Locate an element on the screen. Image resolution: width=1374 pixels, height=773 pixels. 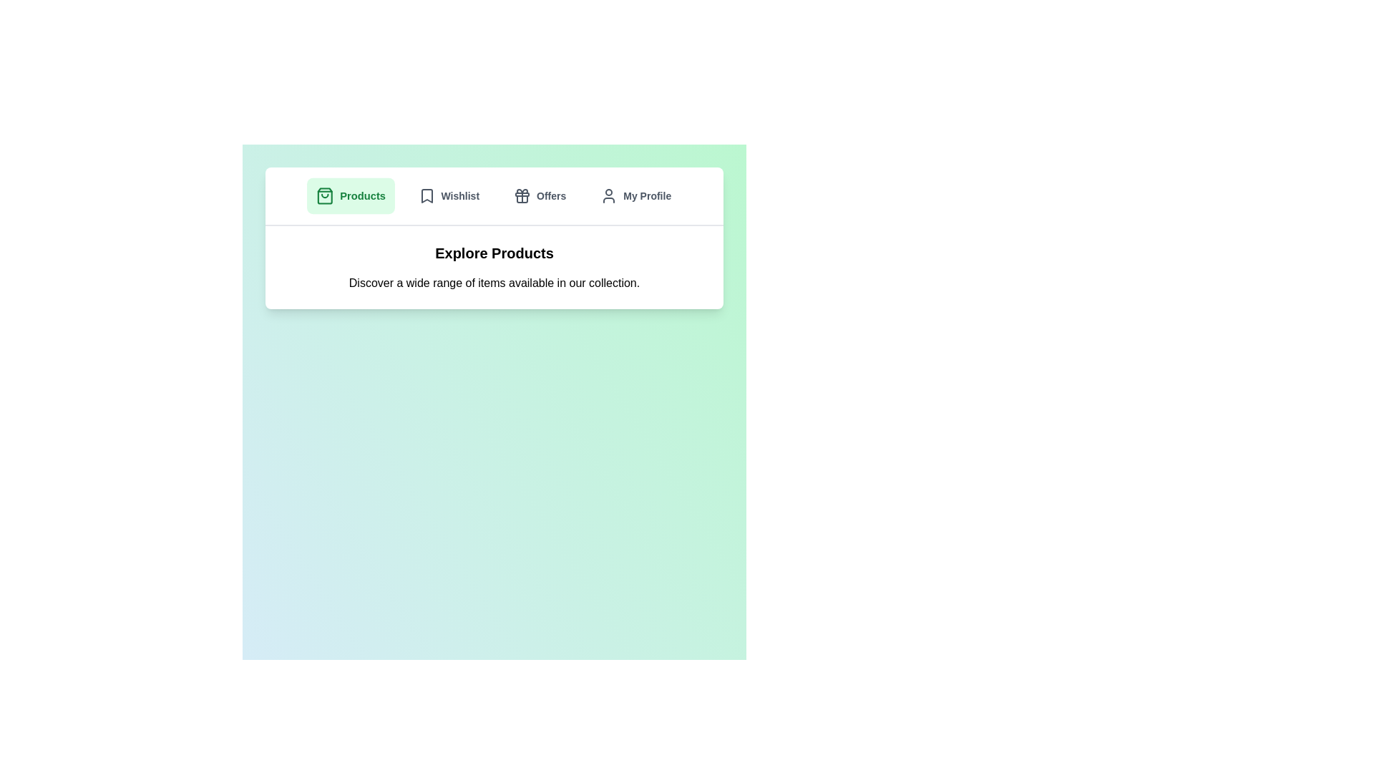
the 'Wishlist' icon in the navigation bar is located at coordinates (426, 195).